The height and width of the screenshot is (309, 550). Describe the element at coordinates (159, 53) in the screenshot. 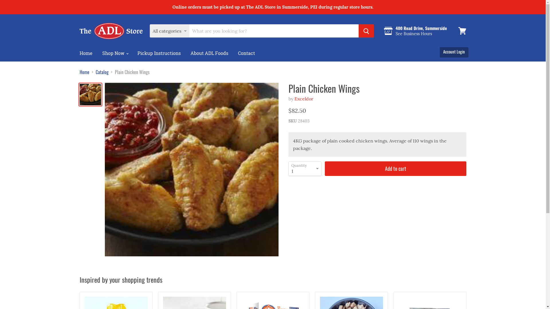

I see `'Pickup Instructions'` at that location.